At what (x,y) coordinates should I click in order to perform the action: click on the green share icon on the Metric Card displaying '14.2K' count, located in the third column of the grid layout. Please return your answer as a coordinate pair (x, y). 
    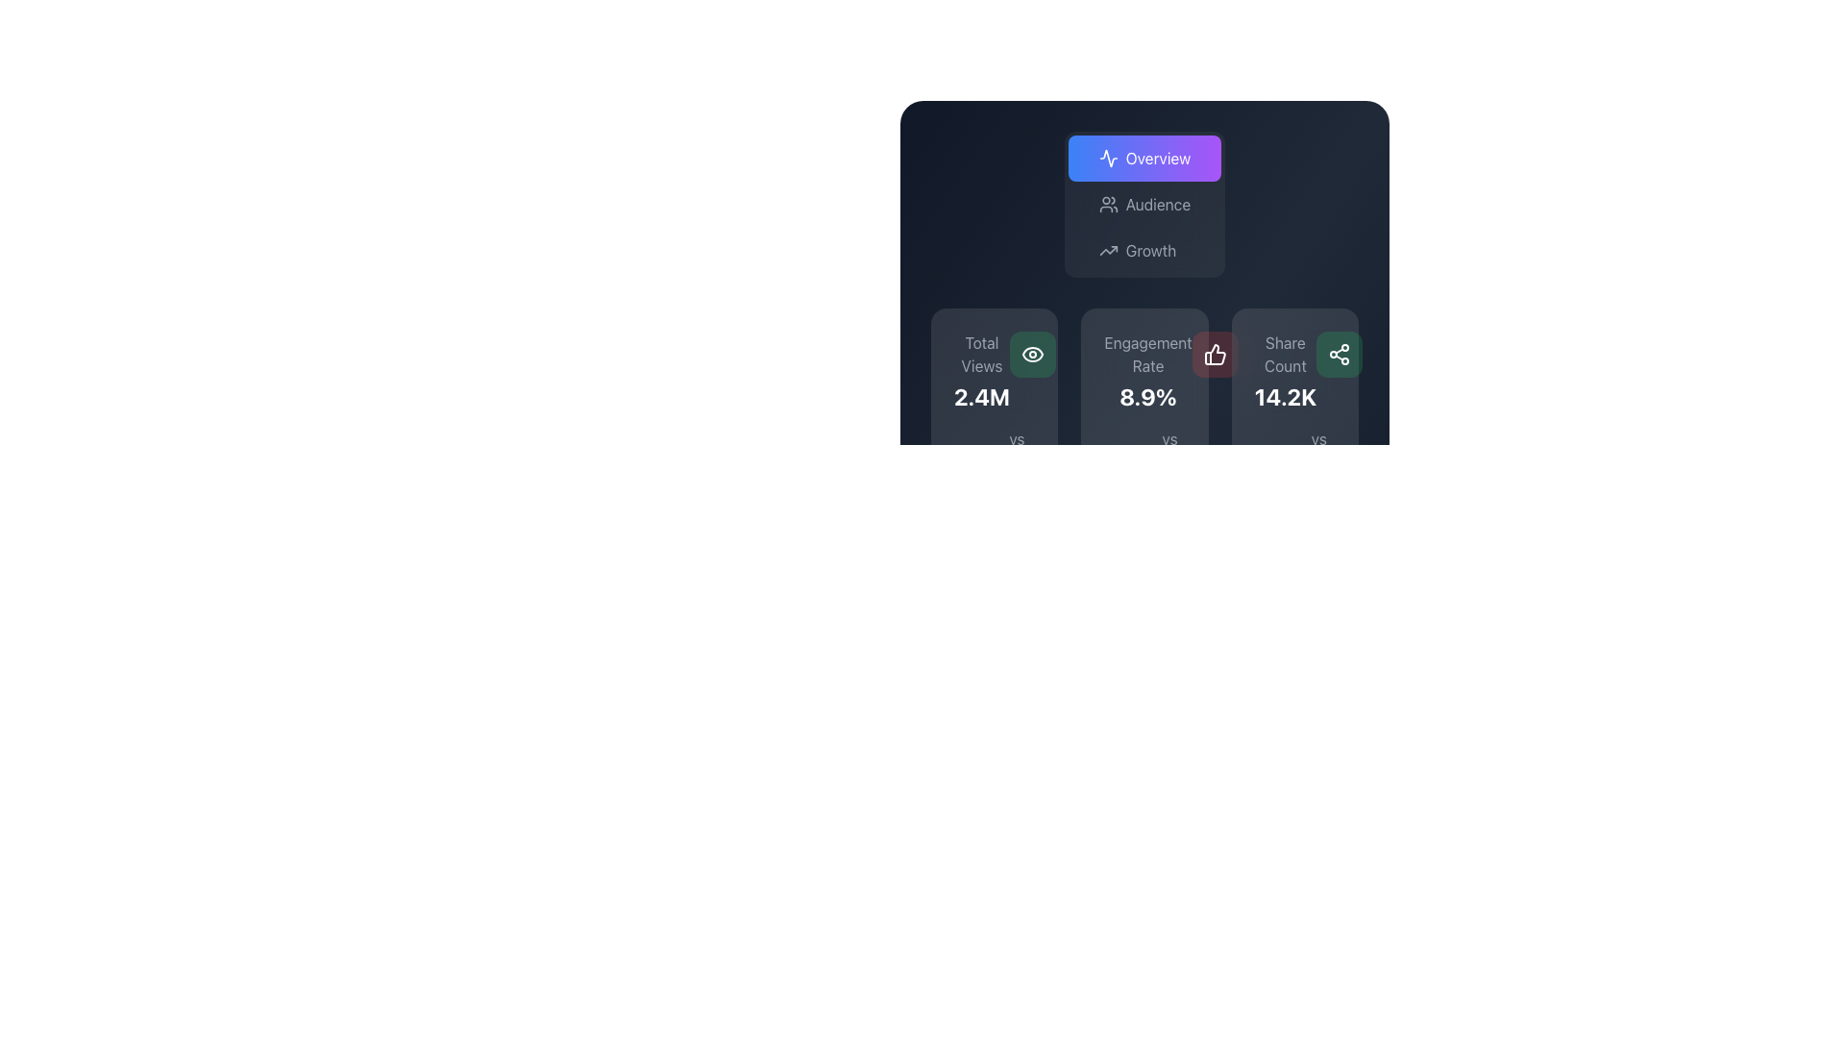
    Looking at the image, I should click on (1294, 413).